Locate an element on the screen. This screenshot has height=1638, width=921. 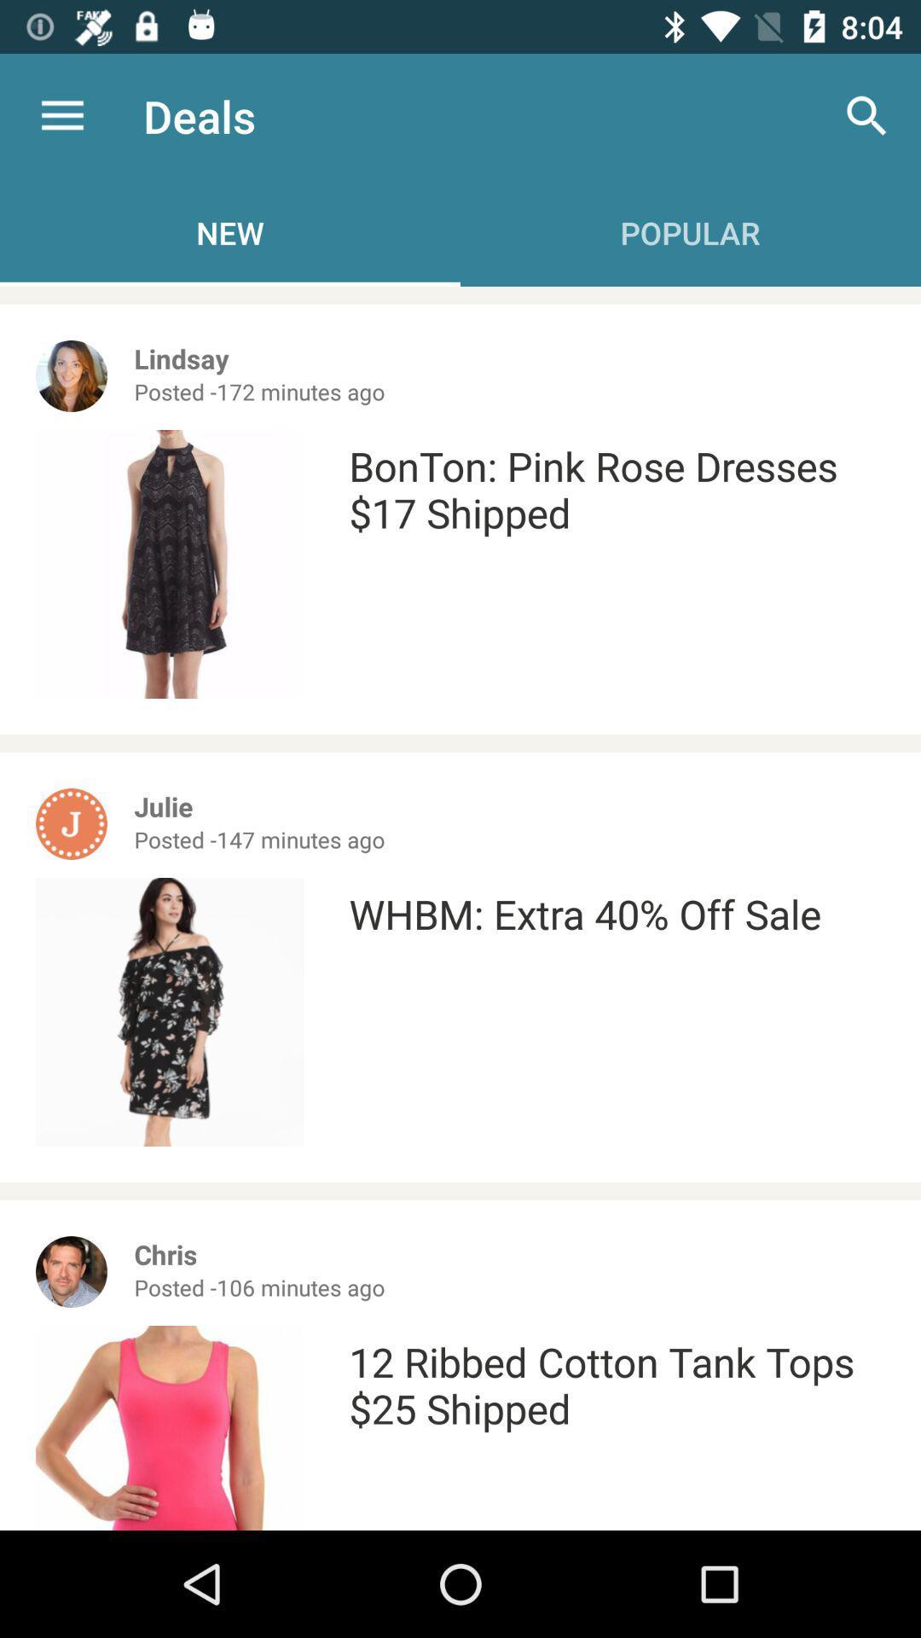
the second picture is located at coordinates (170, 1012).